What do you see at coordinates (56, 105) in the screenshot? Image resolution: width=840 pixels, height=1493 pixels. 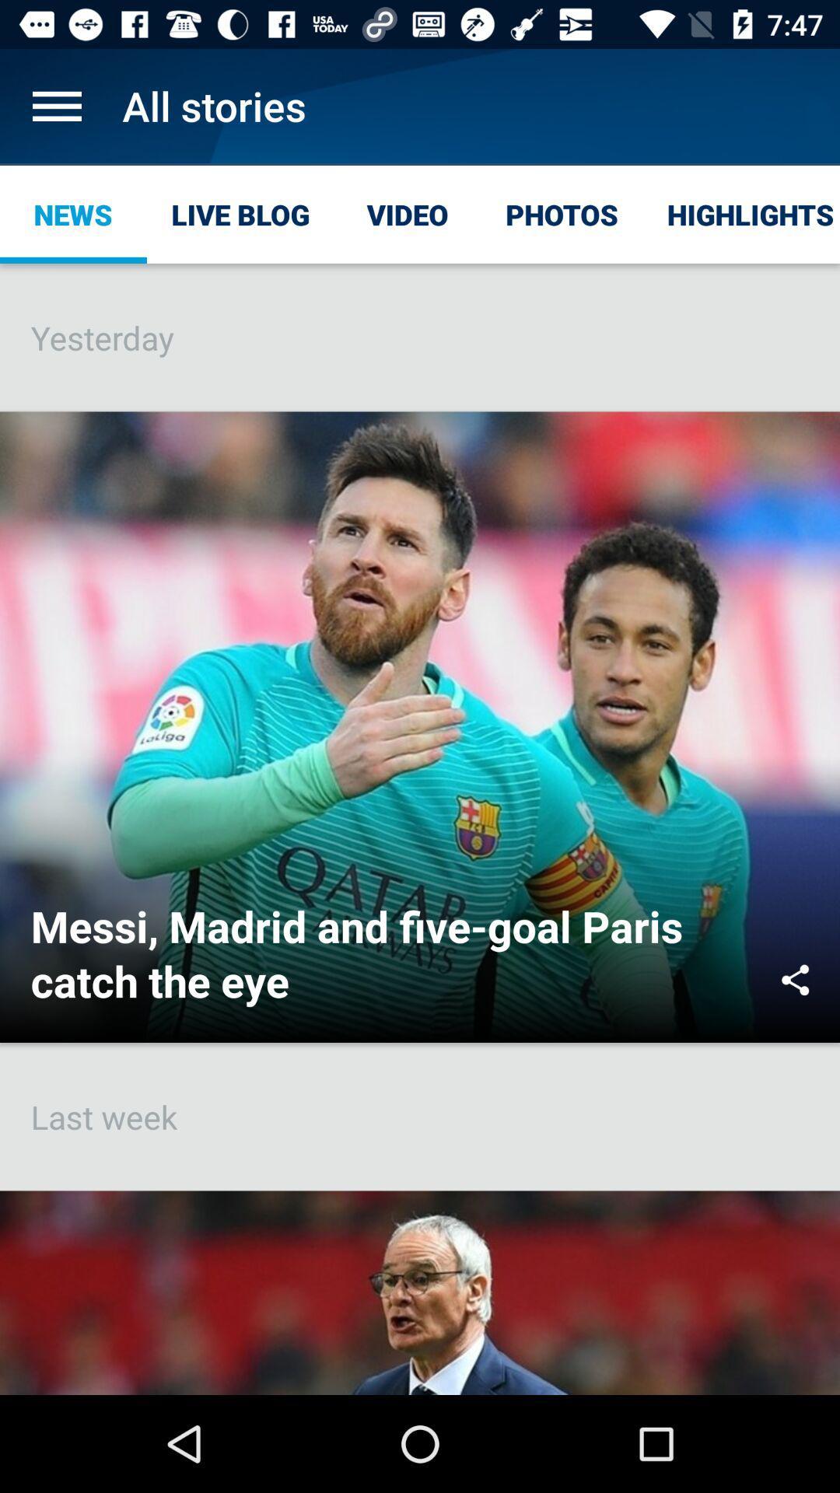 I see `open menu` at bounding box center [56, 105].